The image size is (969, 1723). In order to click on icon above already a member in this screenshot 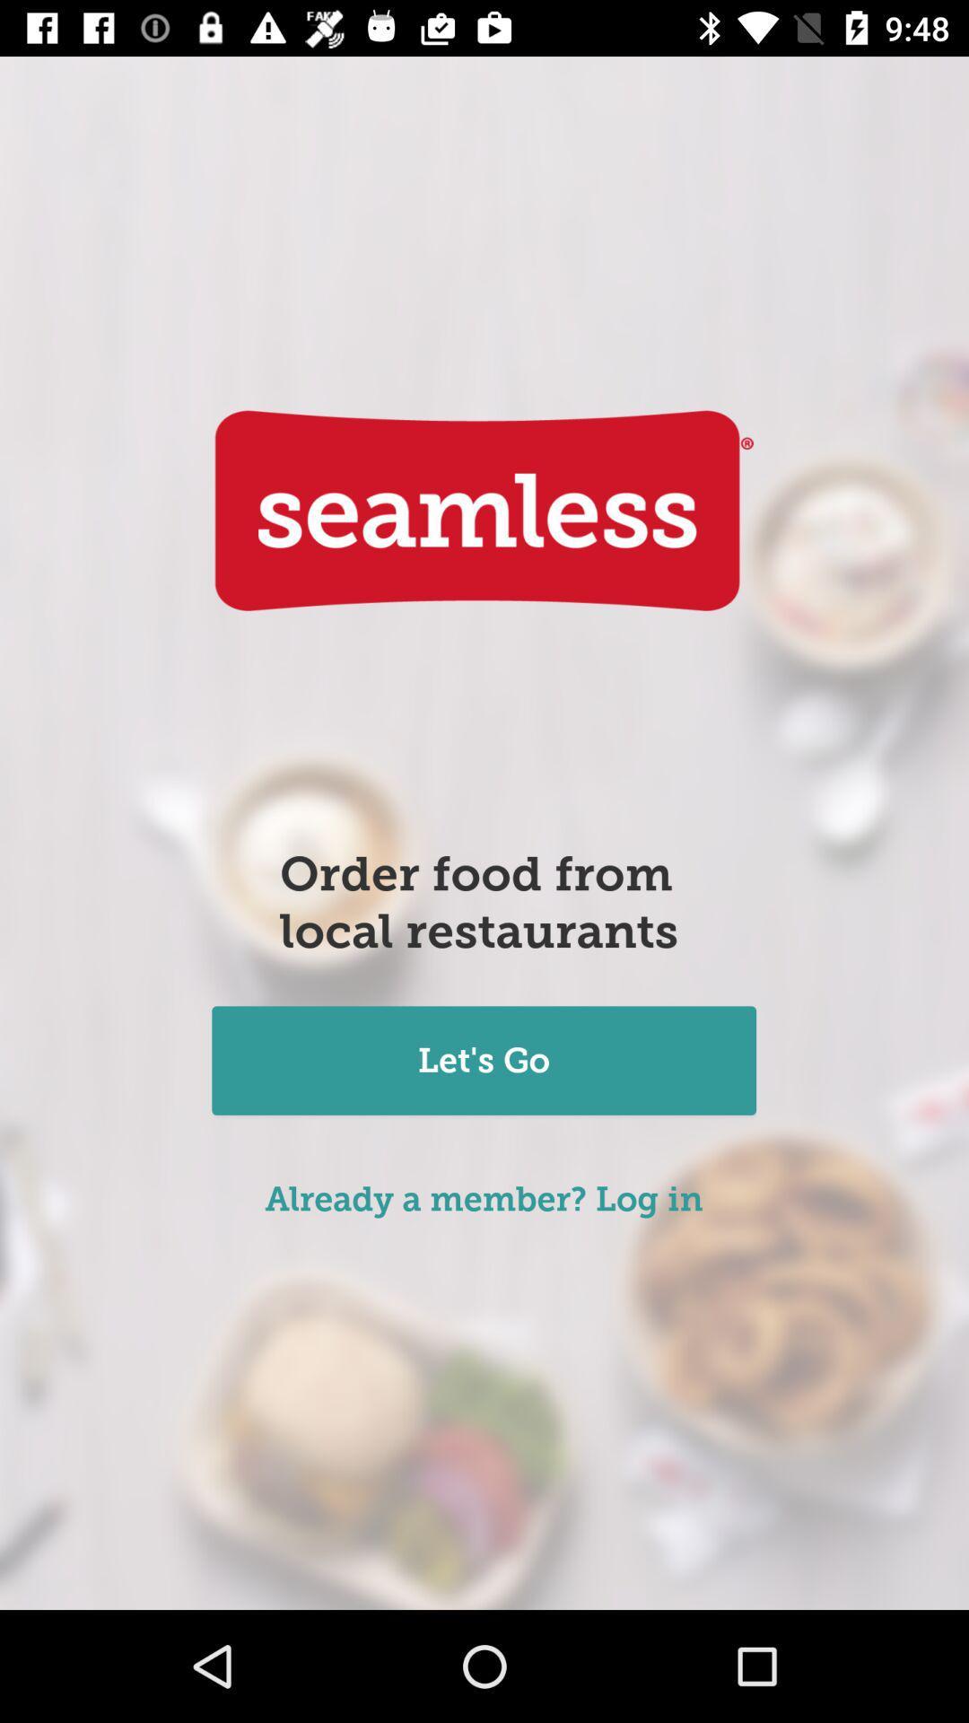, I will do `click(483, 1063)`.